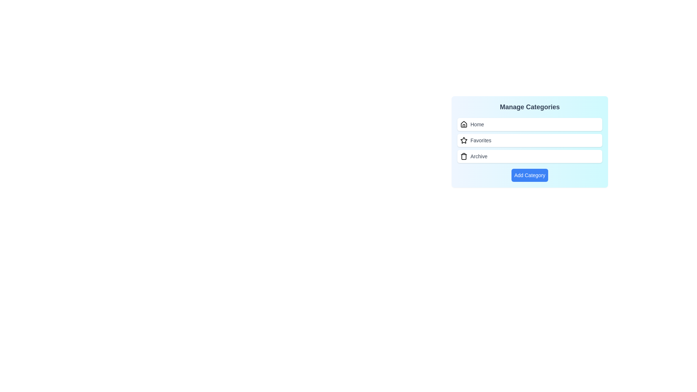 This screenshot has width=697, height=392. What do you see at coordinates (530, 140) in the screenshot?
I see `the category labeled Favorites to interact with it` at bounding box center [530, 140].